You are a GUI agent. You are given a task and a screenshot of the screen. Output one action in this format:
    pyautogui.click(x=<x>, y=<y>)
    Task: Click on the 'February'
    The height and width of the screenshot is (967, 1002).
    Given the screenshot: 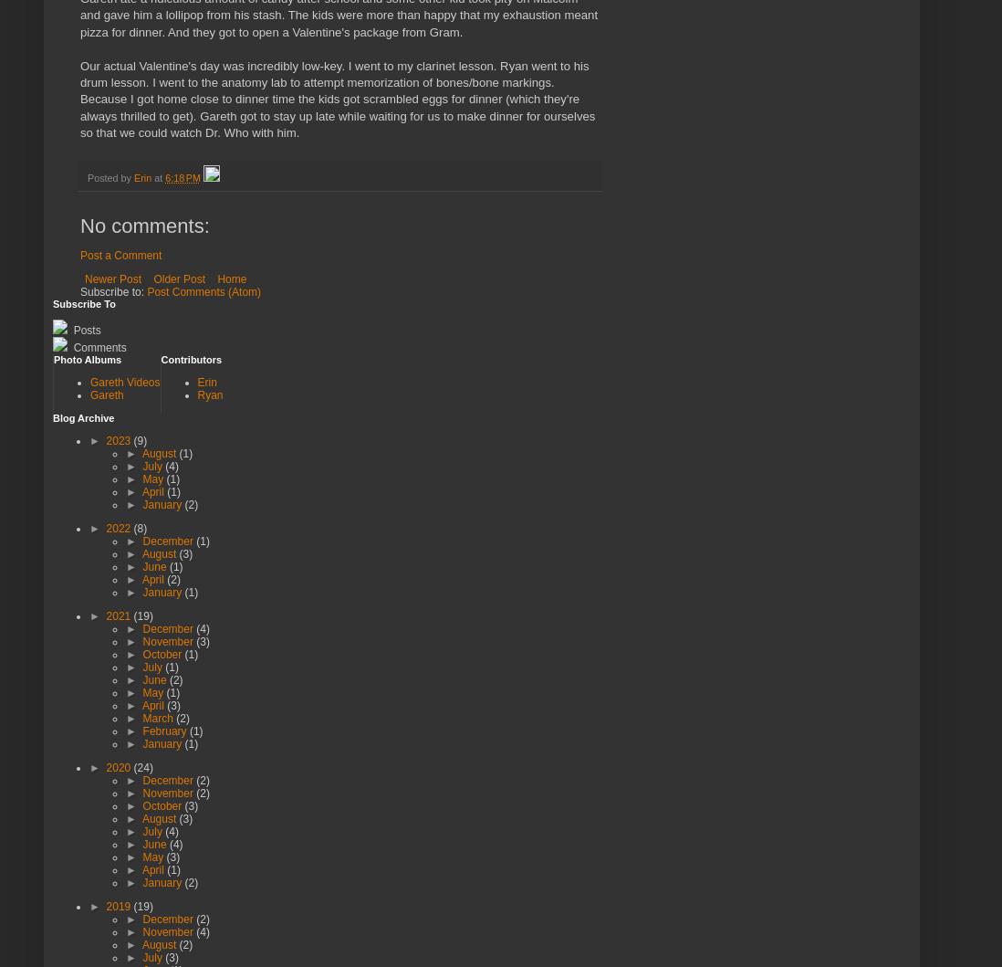 What is the action you would take?
    pyautogui.click(x=165, y=731)
    